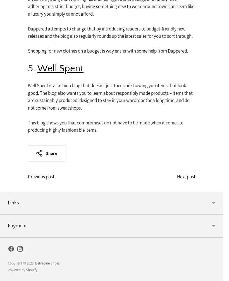 The height and width of the screenshot is (281, 229). I want to click on 'Shopping for new clothes on a budget is way easier with some help from Dappered.', so click(108, 51).